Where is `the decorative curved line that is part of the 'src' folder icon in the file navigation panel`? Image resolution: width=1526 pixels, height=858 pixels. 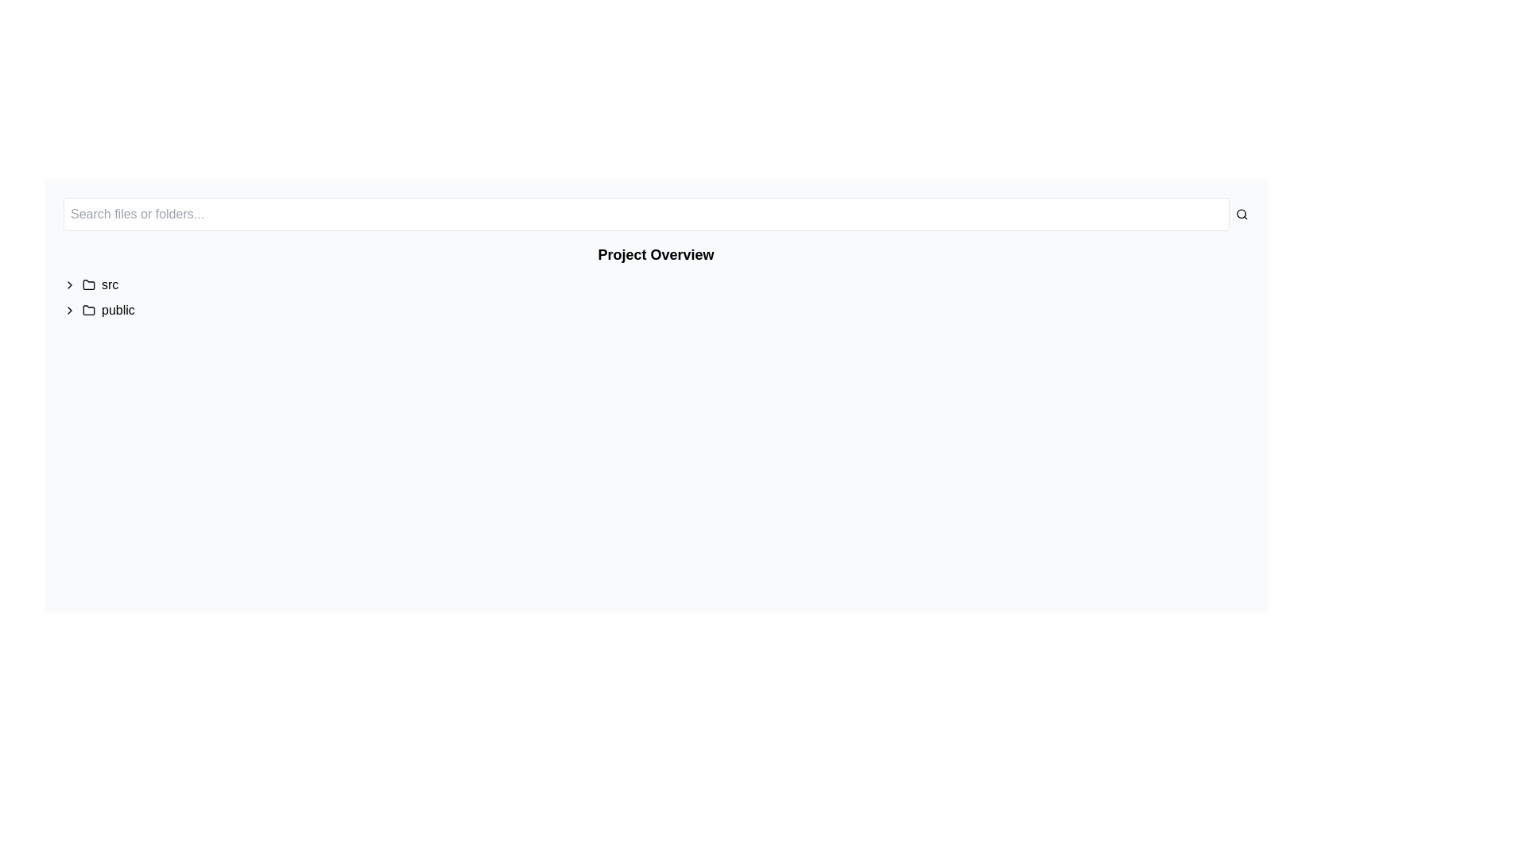 the decorative curved line that is part of the 'src' folder icon in the file navigation panel is located at coordinates (87, 284).